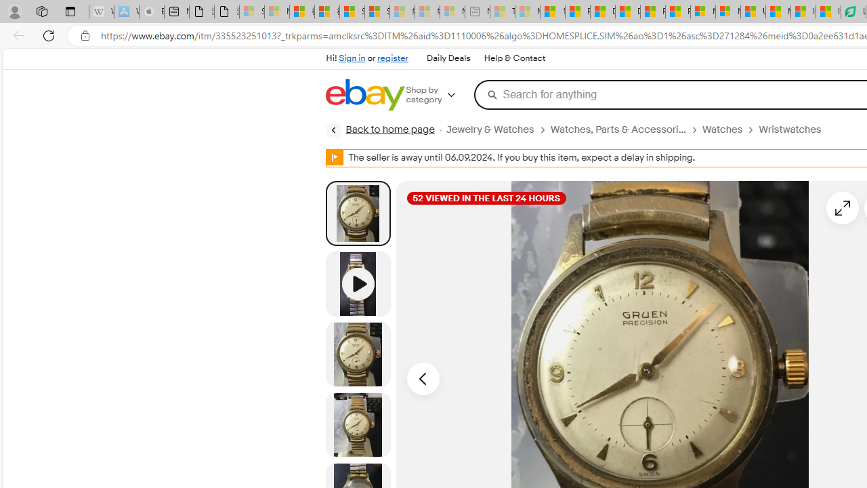 The width and height of the screenshot is (867, 488). Describe the element at coordinates (152, 12) in the screenshot. I see `'Buy iPad - Apple - Sleeping'` at that location.